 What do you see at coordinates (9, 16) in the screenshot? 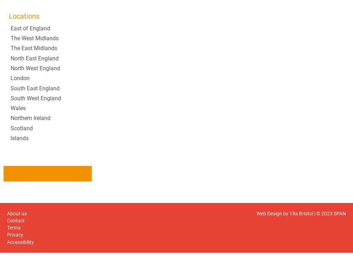
I see `'Locations'` at bounding box center [9, 16].